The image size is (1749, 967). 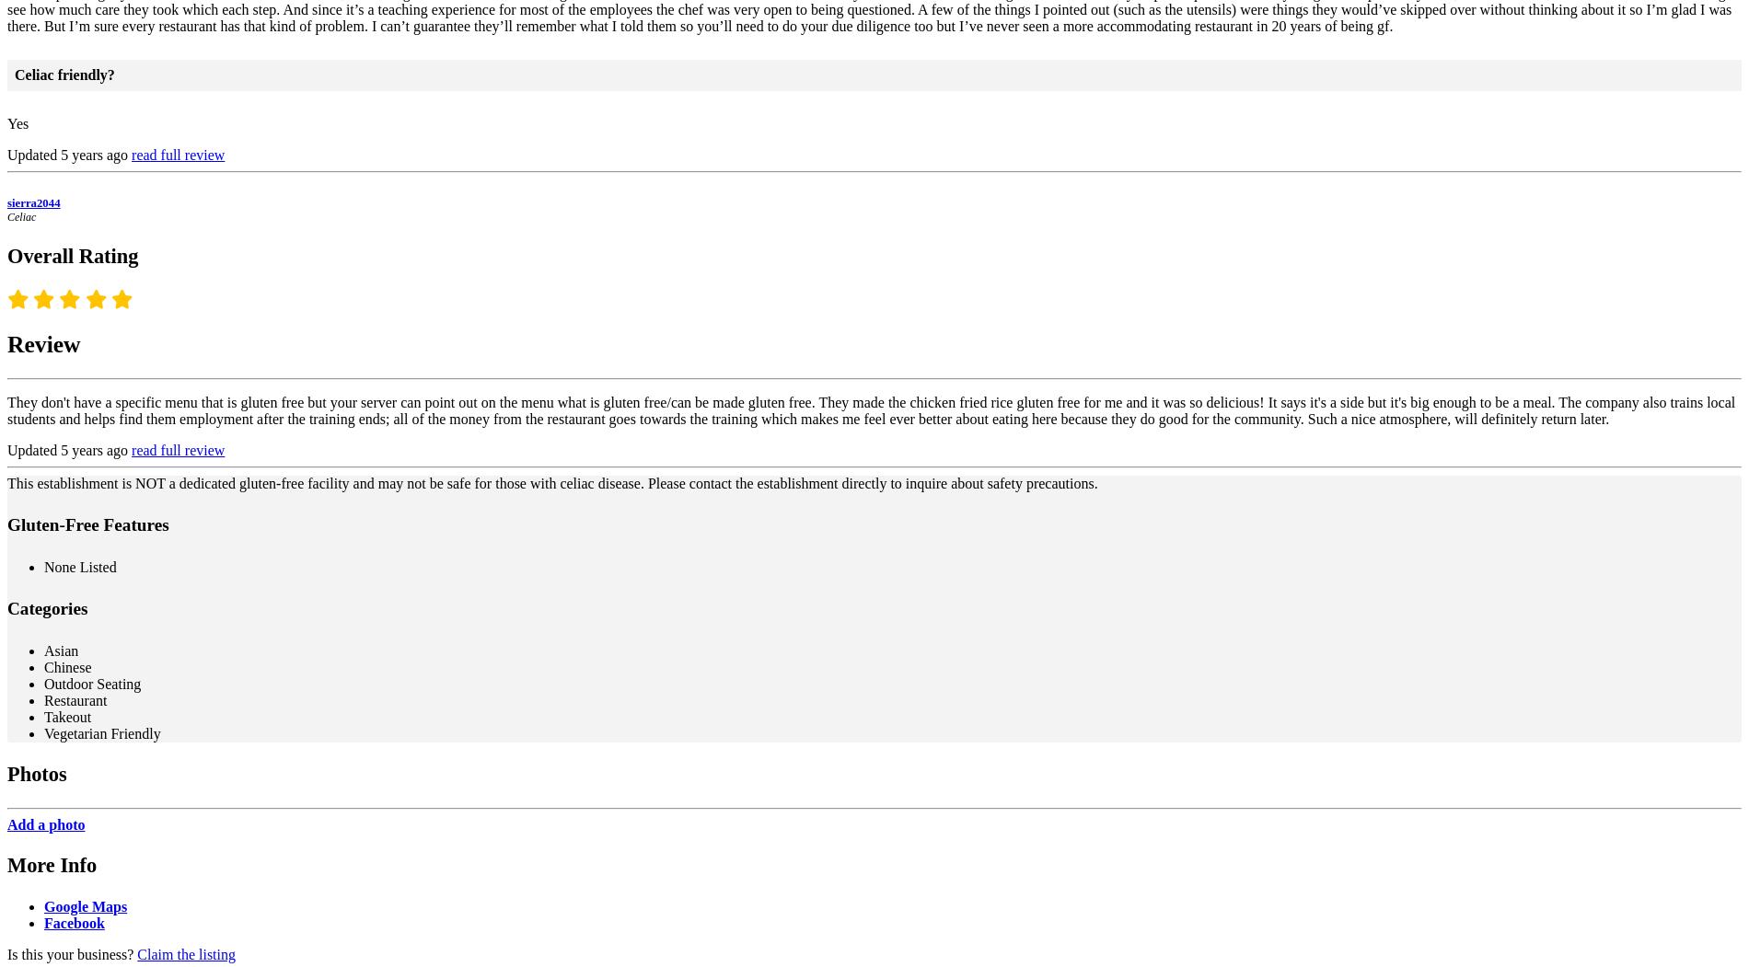 I want to click on 'Celiac friendly?', so click(x=64, y=73).